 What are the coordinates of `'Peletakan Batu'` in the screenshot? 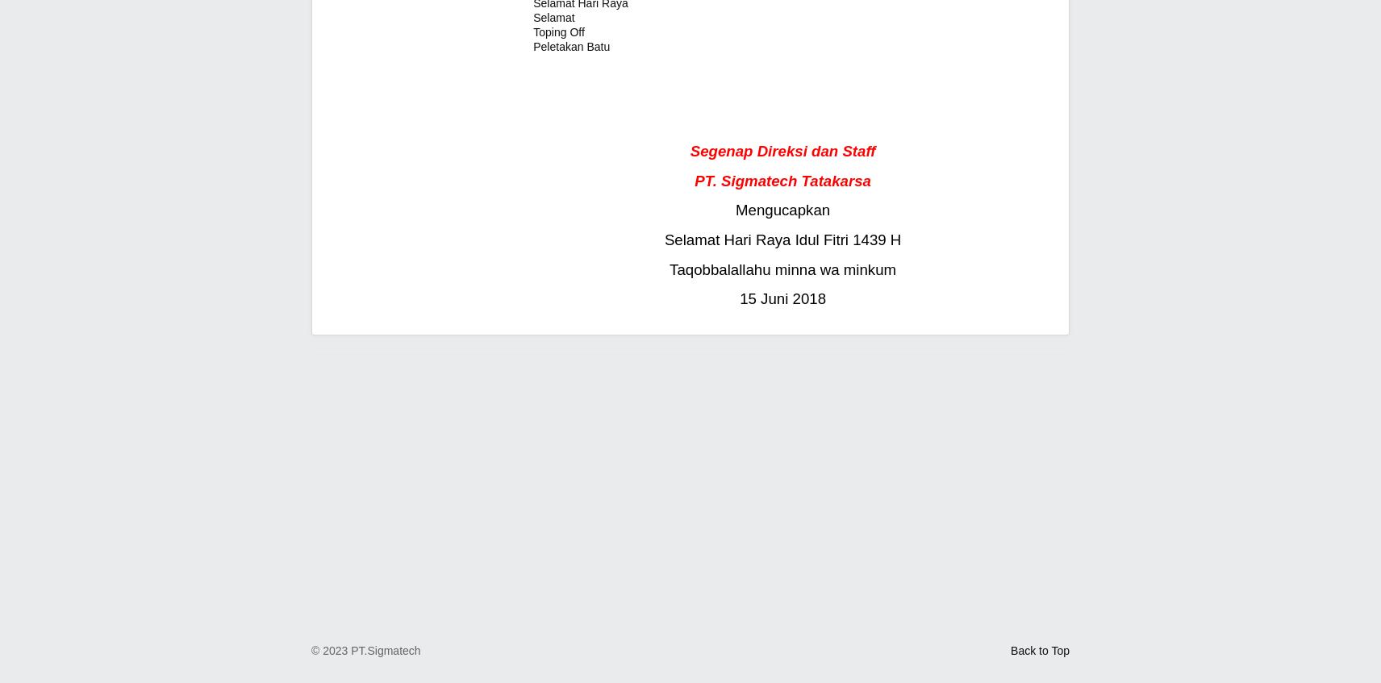 It's located at (571, 46).